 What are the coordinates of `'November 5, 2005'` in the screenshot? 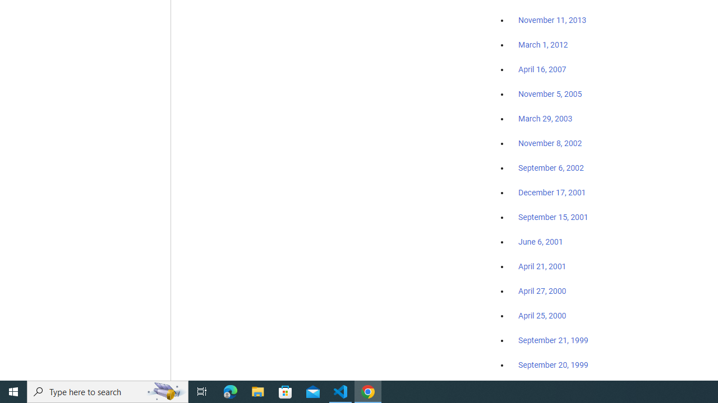 It's located at (550, 93).